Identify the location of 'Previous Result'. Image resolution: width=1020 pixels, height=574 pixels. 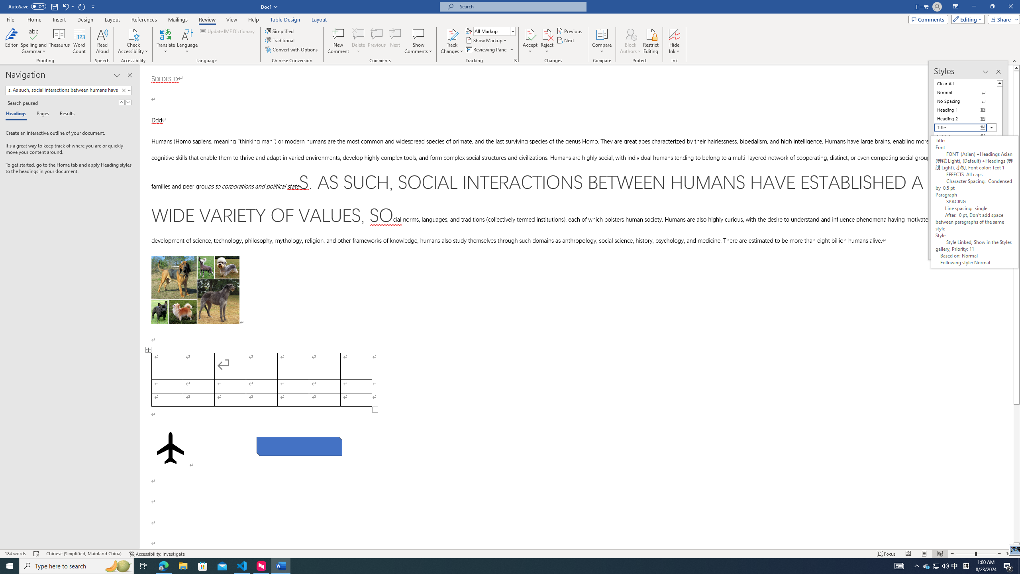
(122, 102).